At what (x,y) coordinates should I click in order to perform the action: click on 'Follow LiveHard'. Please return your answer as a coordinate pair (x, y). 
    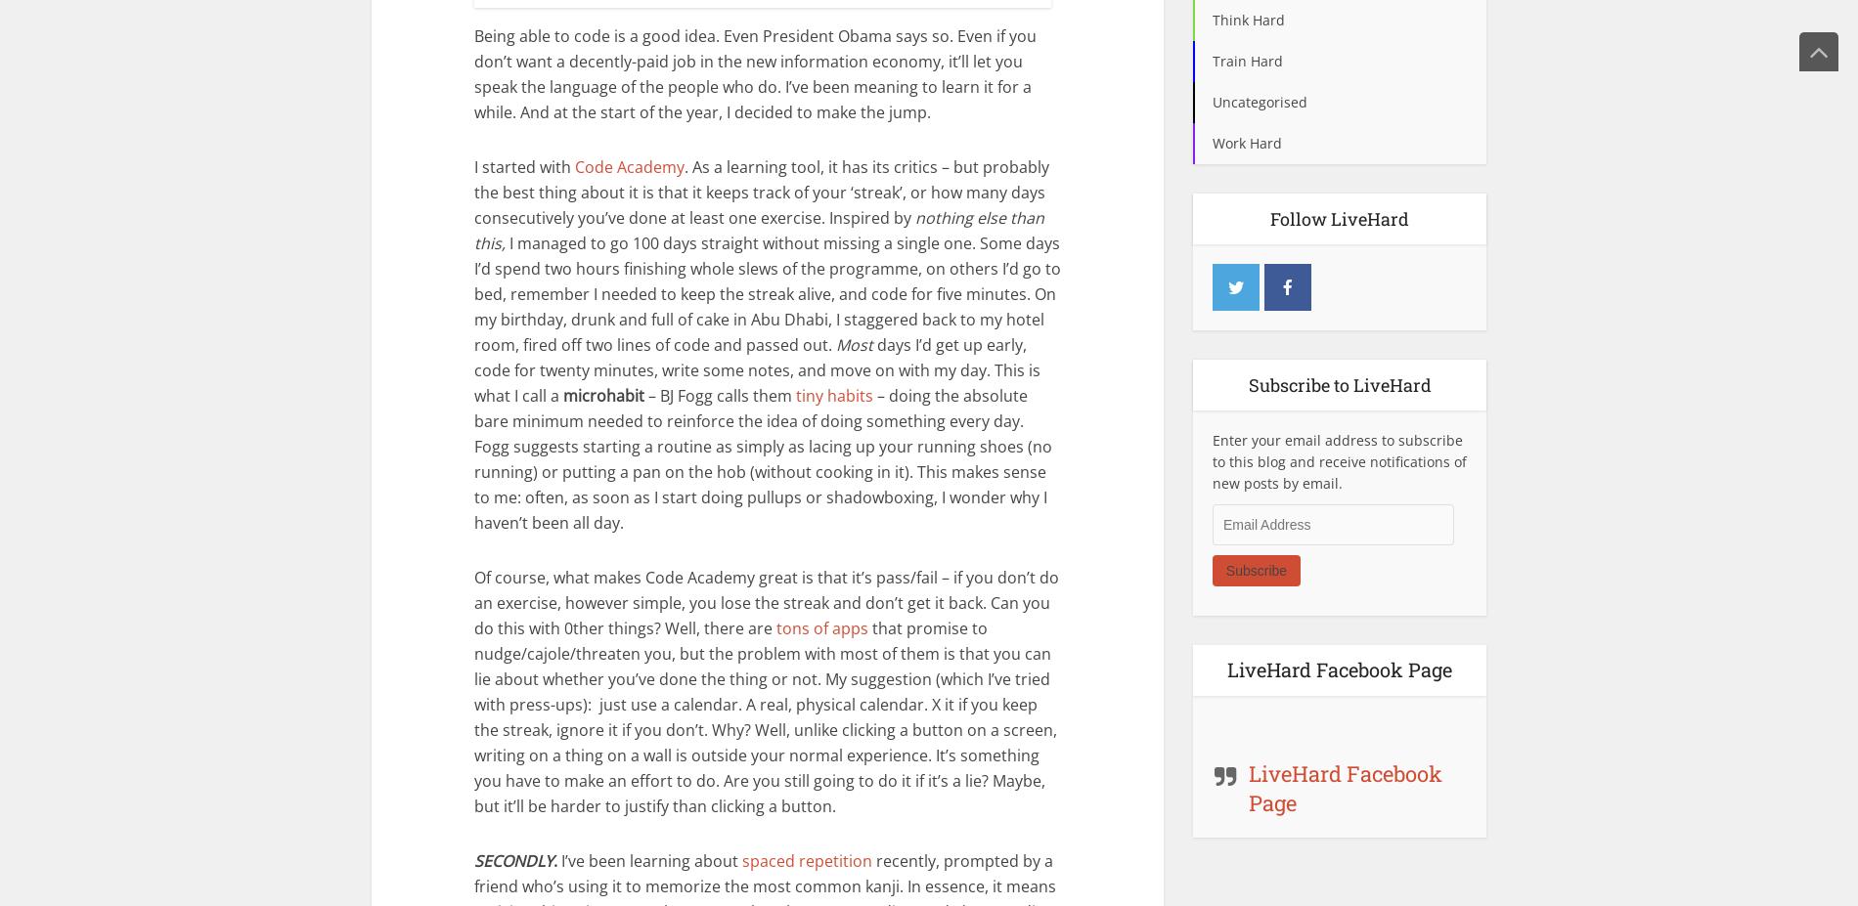
    Looking at the image, I should click on (1339, 218).